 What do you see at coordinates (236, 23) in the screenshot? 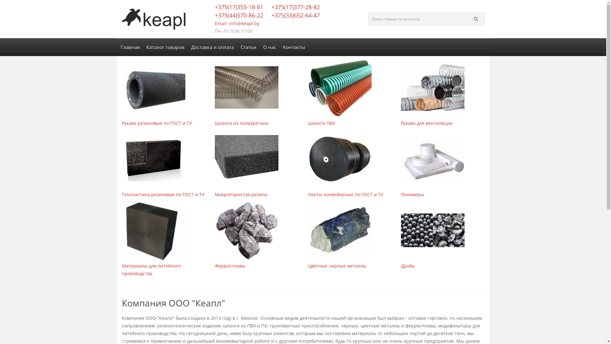
I see `'Email: info@keapl.by'` at bounding box center [236, 23].